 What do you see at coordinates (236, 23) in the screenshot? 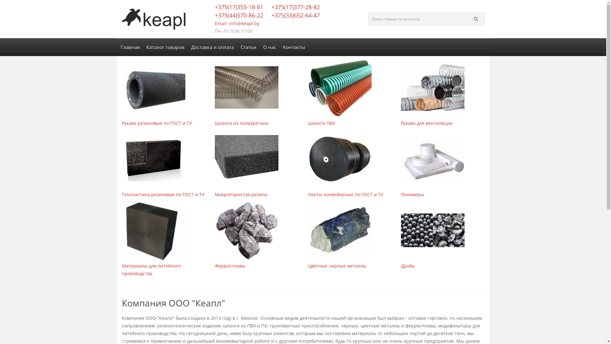
I see `'Email: info@keapl.by'` at bounding box center [236, 23].